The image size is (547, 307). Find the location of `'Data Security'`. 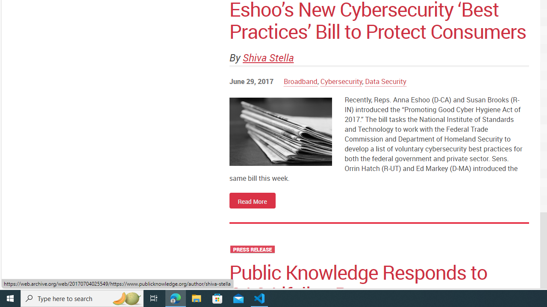

'Data Security' is located at coordinates (385, 81).